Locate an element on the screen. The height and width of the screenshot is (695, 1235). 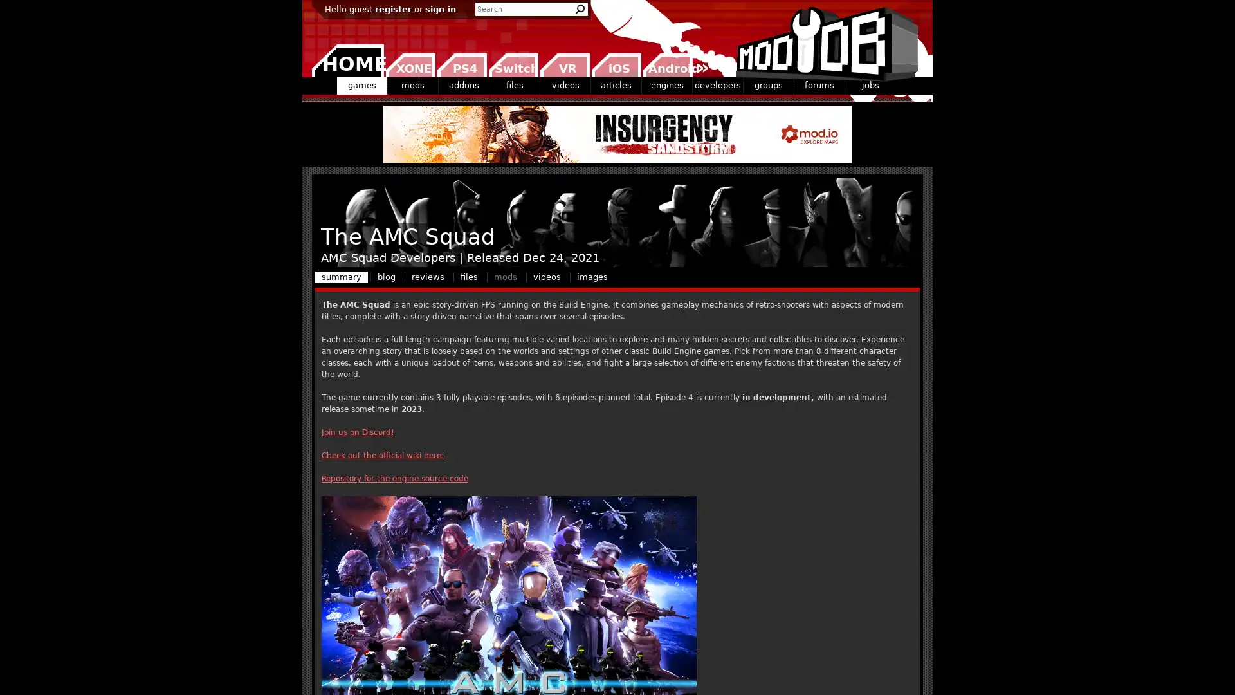
Search Mod DB is located at coordinates (580, 9).